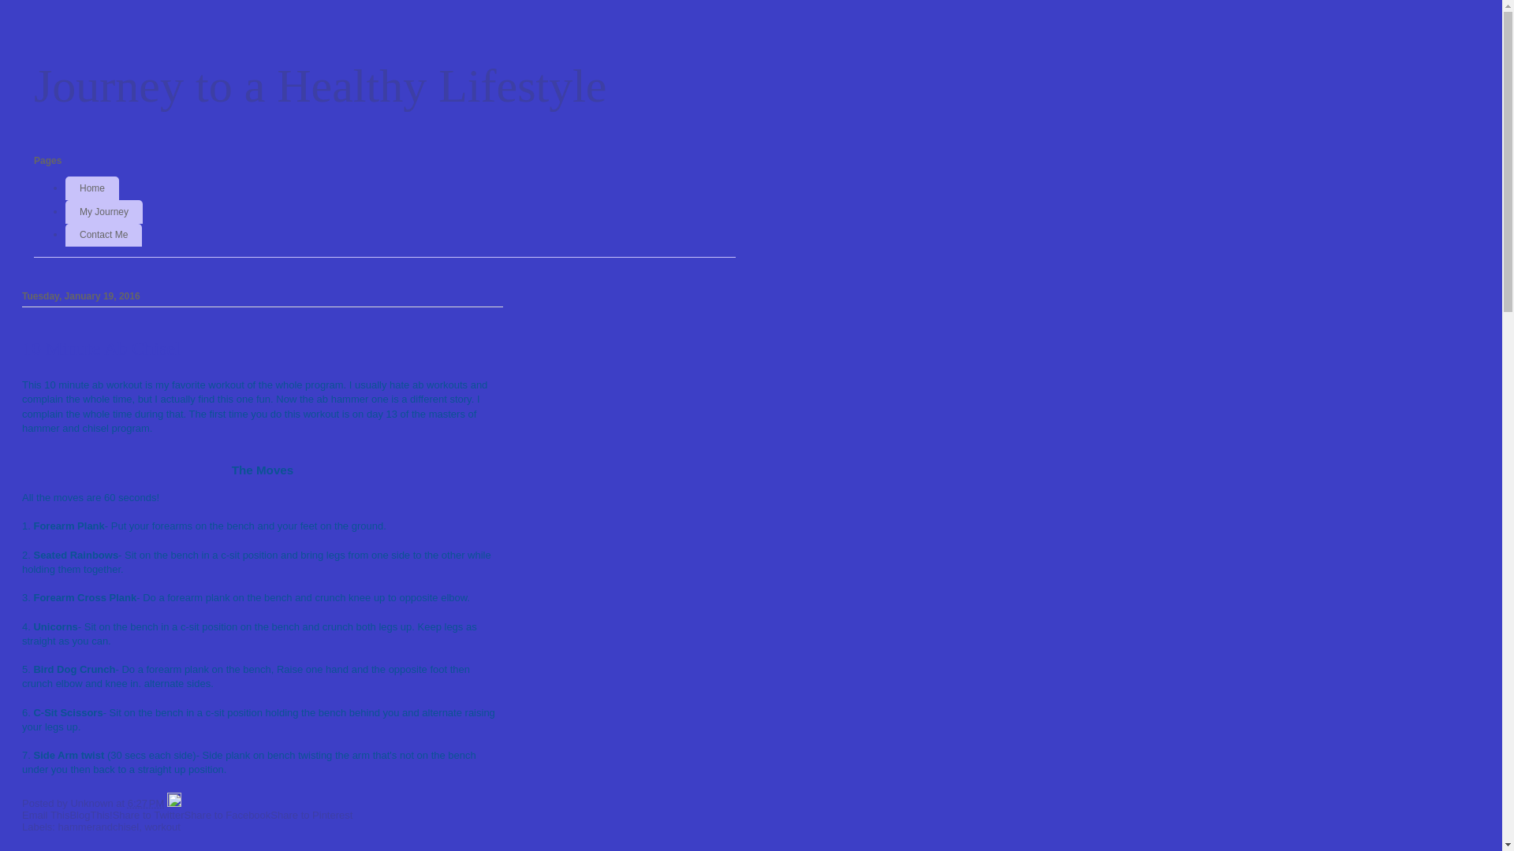 The image size is (1514, 851). I want to click on 'Share to Pinterest', so click(270, 815).